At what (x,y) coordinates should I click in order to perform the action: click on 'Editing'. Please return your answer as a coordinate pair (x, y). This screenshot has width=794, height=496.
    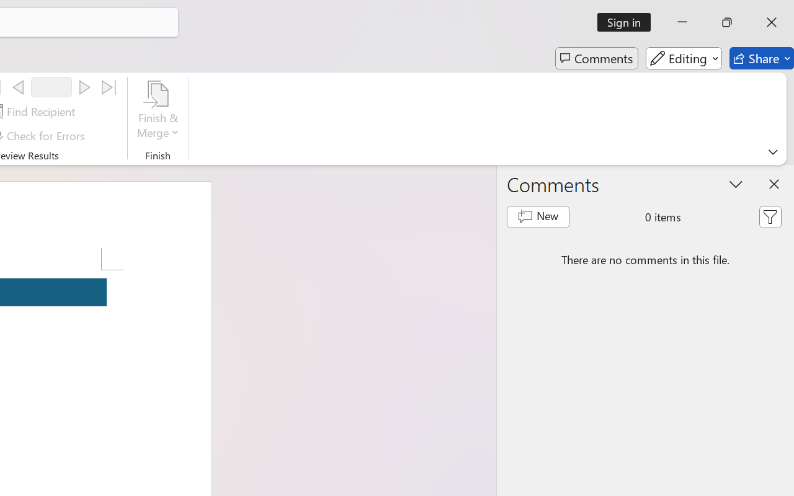
    Looking at the image, I should click on (683, 58).